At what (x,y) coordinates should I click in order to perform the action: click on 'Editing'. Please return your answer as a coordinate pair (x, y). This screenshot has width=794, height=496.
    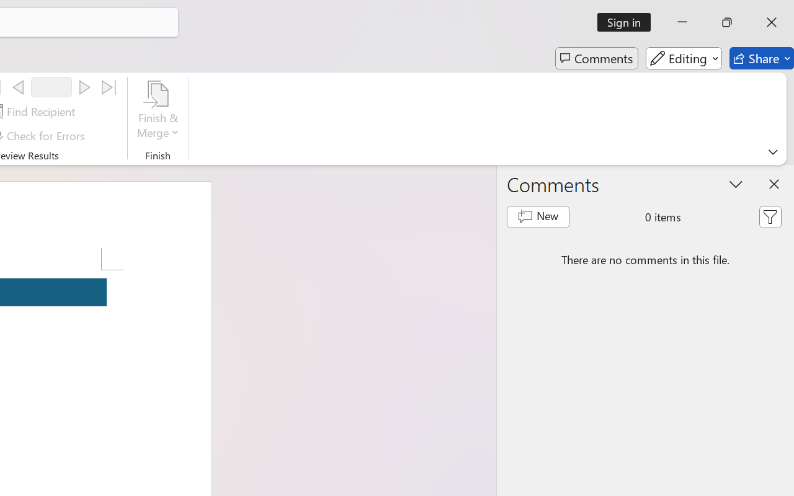
    Looking at the image, I should click on (683, 58).